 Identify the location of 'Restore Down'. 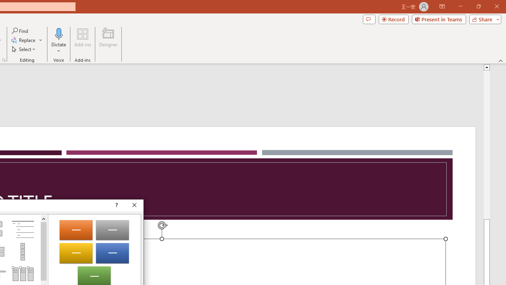
(478, 6).